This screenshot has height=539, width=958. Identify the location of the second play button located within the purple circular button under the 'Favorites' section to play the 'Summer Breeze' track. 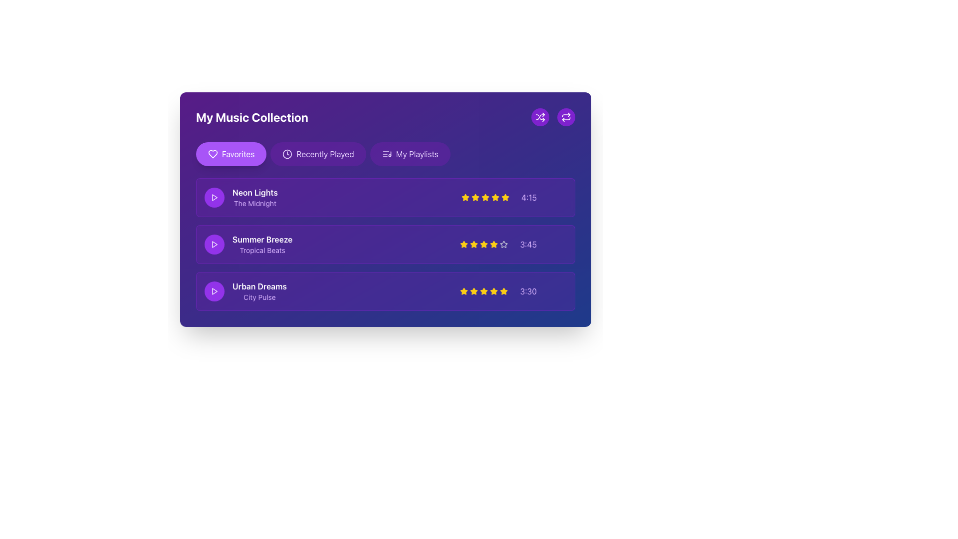
(214, 244).